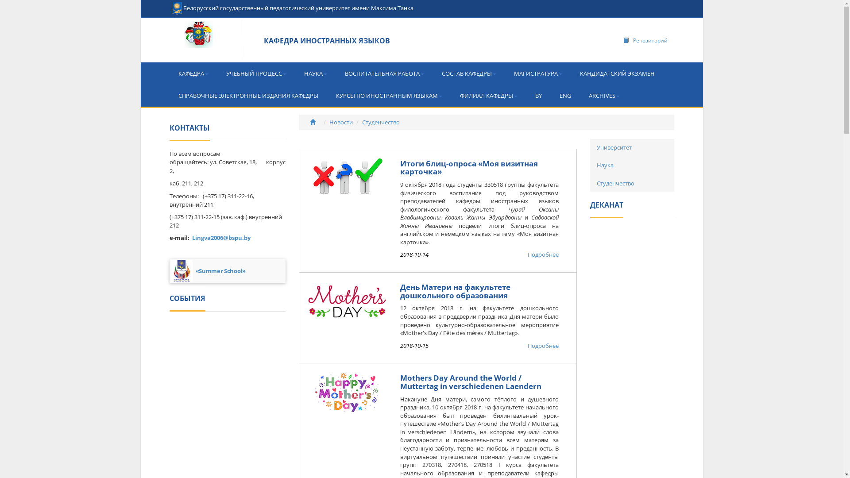 The image size is (850, 478). Describe the element at coordinates (526, 96) in the screenshot. I see `'BY'` at that location.